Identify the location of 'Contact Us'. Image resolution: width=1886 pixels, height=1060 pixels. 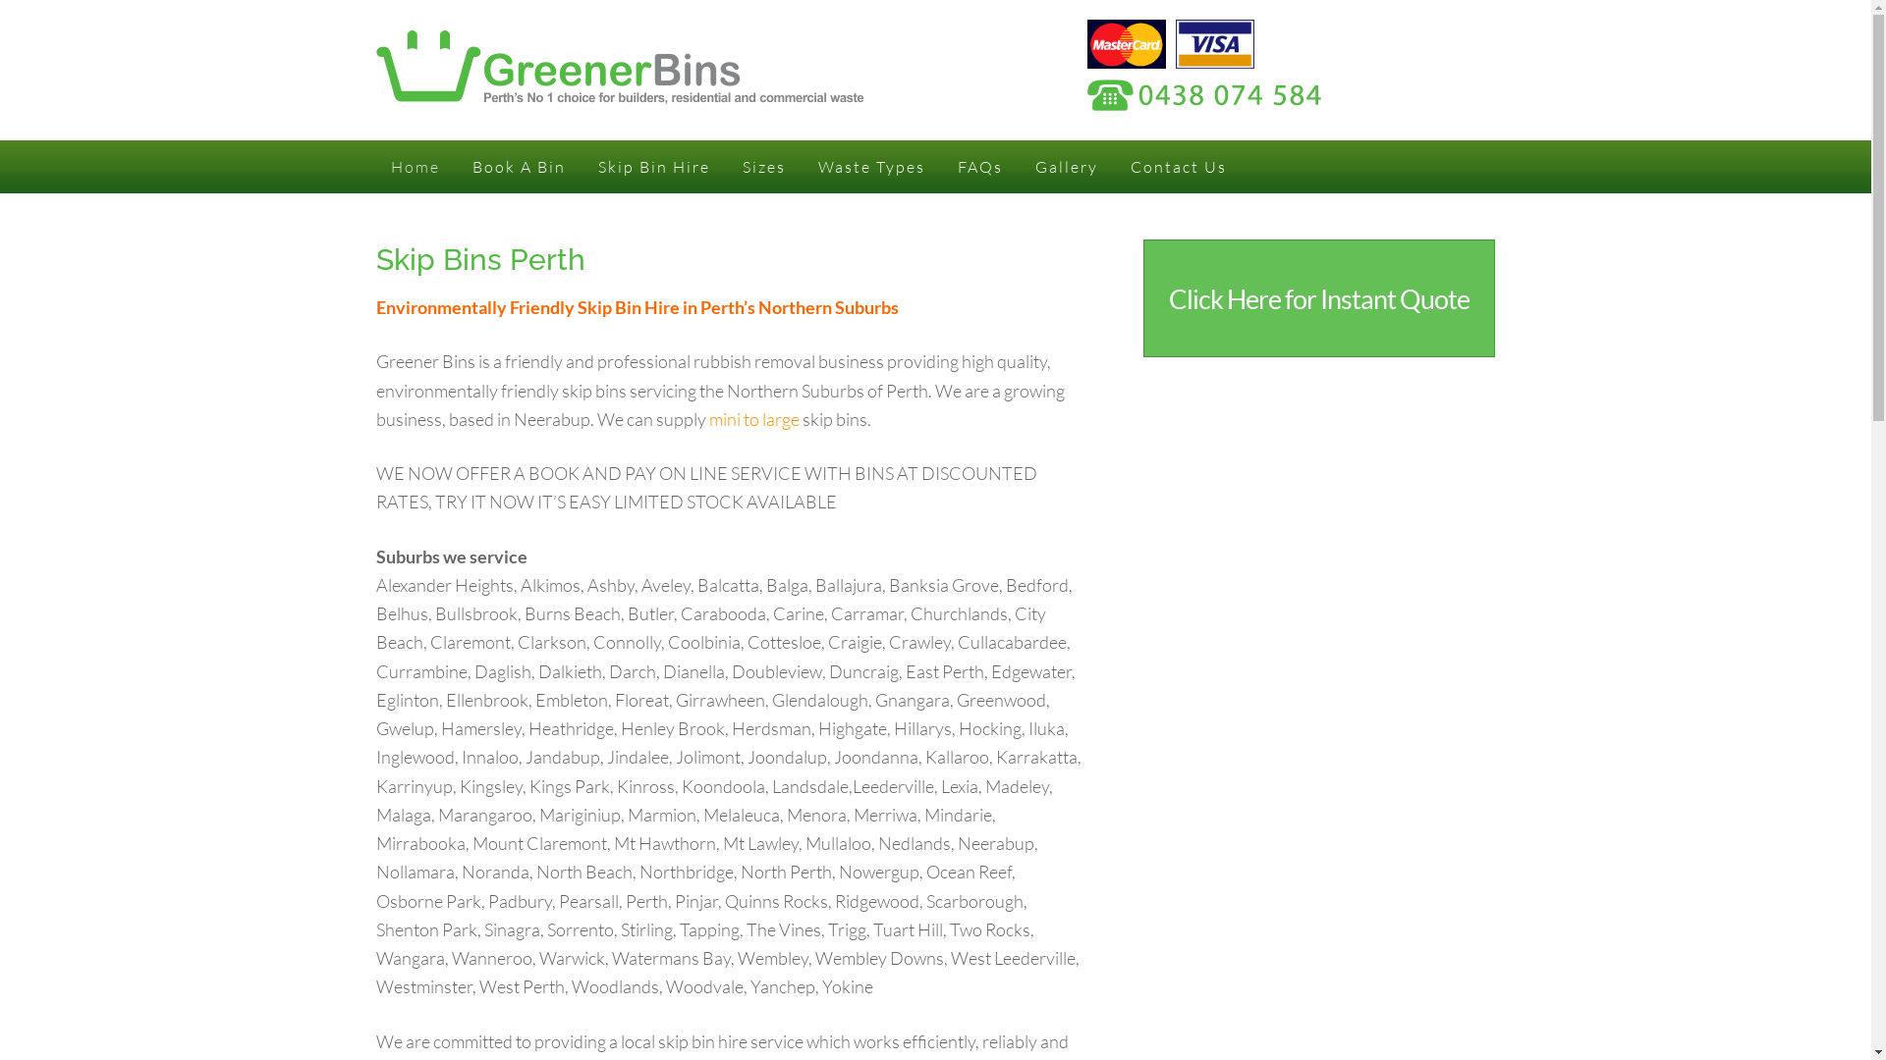
(1179, 165).